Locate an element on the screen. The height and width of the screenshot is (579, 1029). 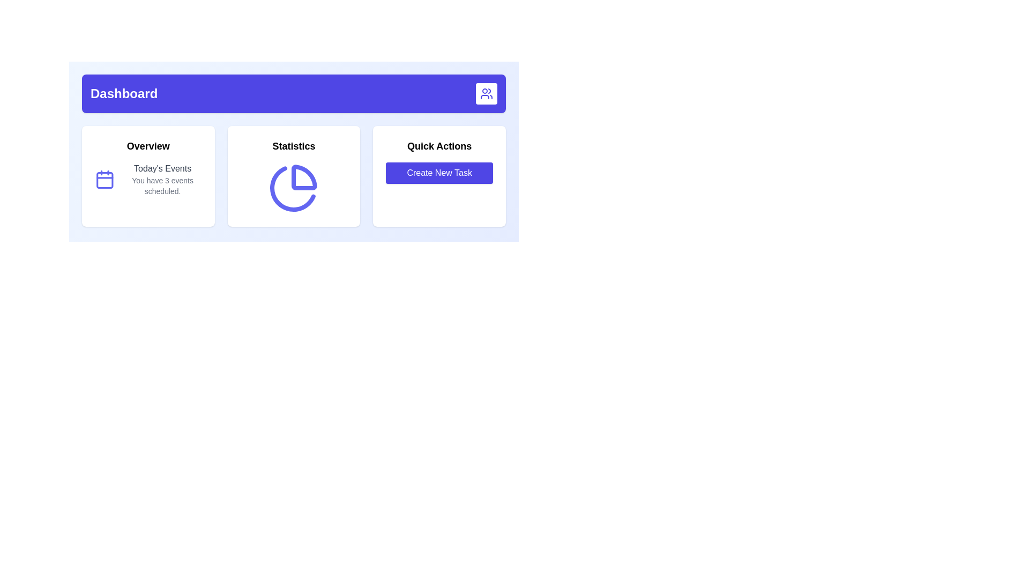
the 'Create New Task' button inside the 'Quick Actions' card, which is the third card from the left in the row of three cards is located at coordinates (439, 175).